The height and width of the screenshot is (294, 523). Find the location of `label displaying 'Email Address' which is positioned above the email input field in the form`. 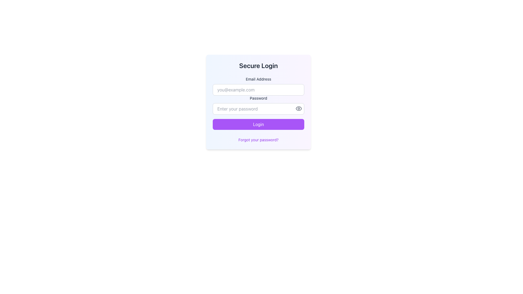

label displaying 'Email Address' which is positioned above the email input field in the form is located at coordinates (258, 79).